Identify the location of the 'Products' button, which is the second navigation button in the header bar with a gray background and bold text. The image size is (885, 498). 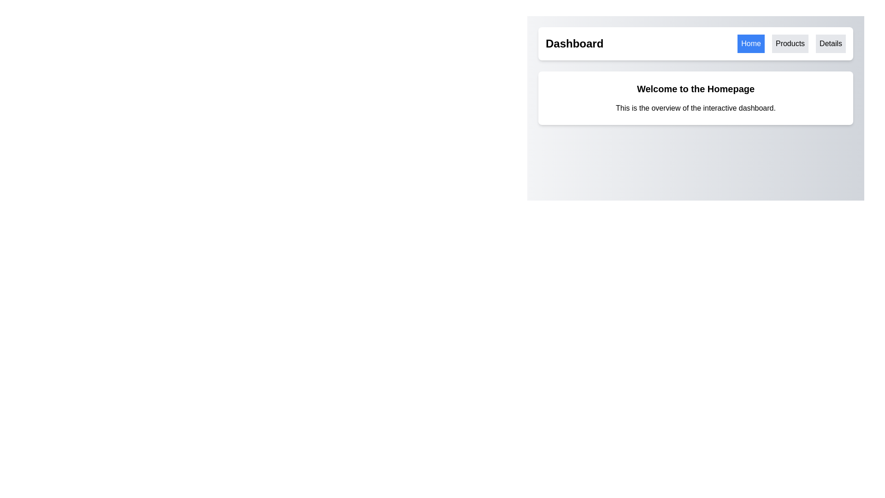
(791, 44).